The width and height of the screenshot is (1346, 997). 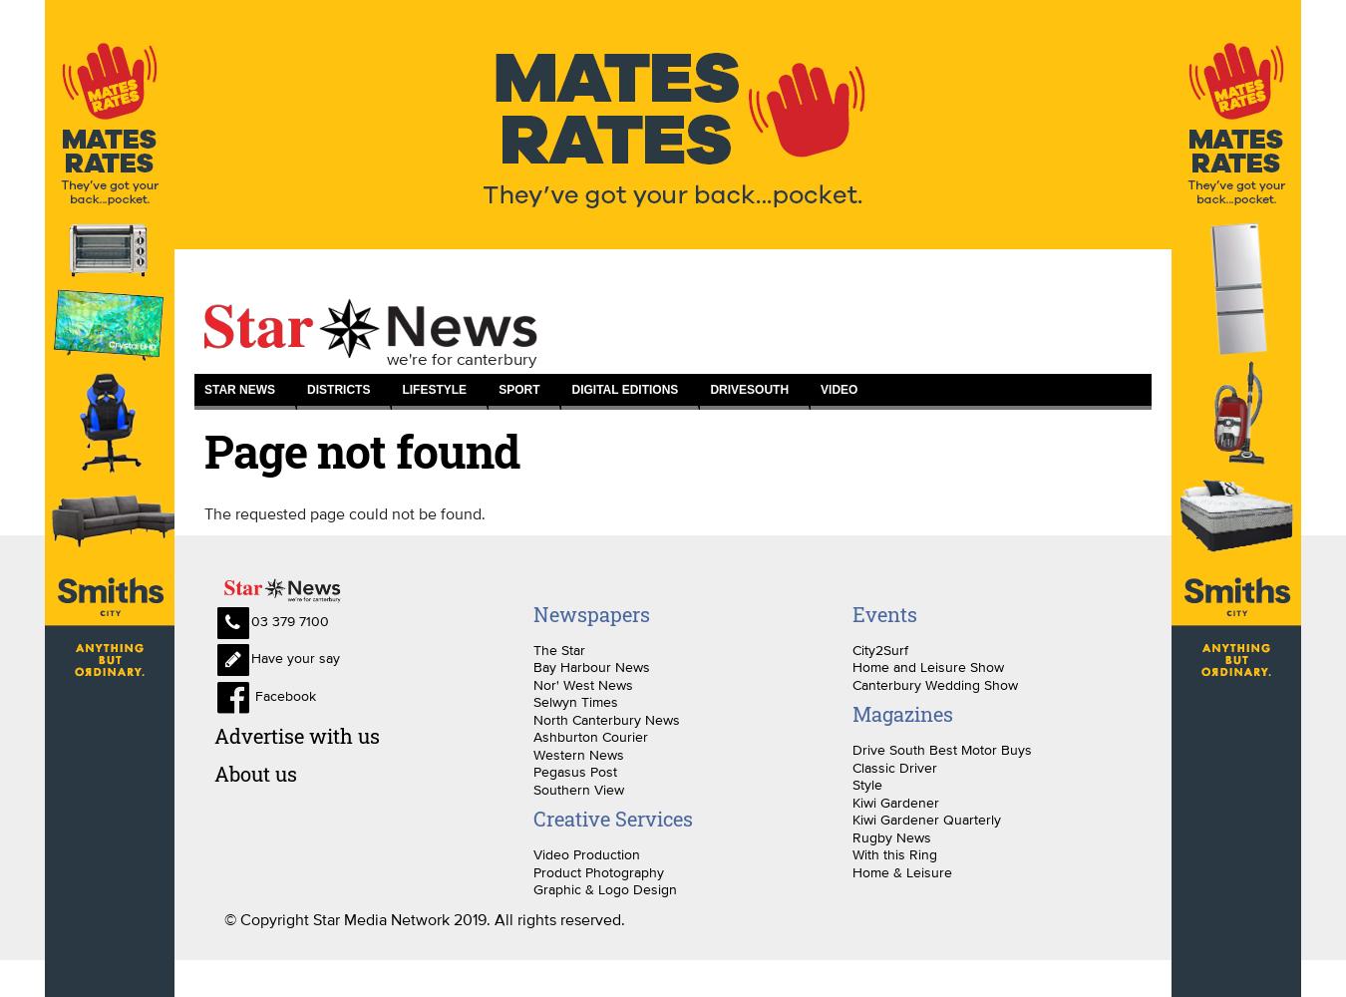 What do you see at coordinates (295, 734) in the screenshot?
I see `'Advertise with us'` at bounding box center [295, 734].